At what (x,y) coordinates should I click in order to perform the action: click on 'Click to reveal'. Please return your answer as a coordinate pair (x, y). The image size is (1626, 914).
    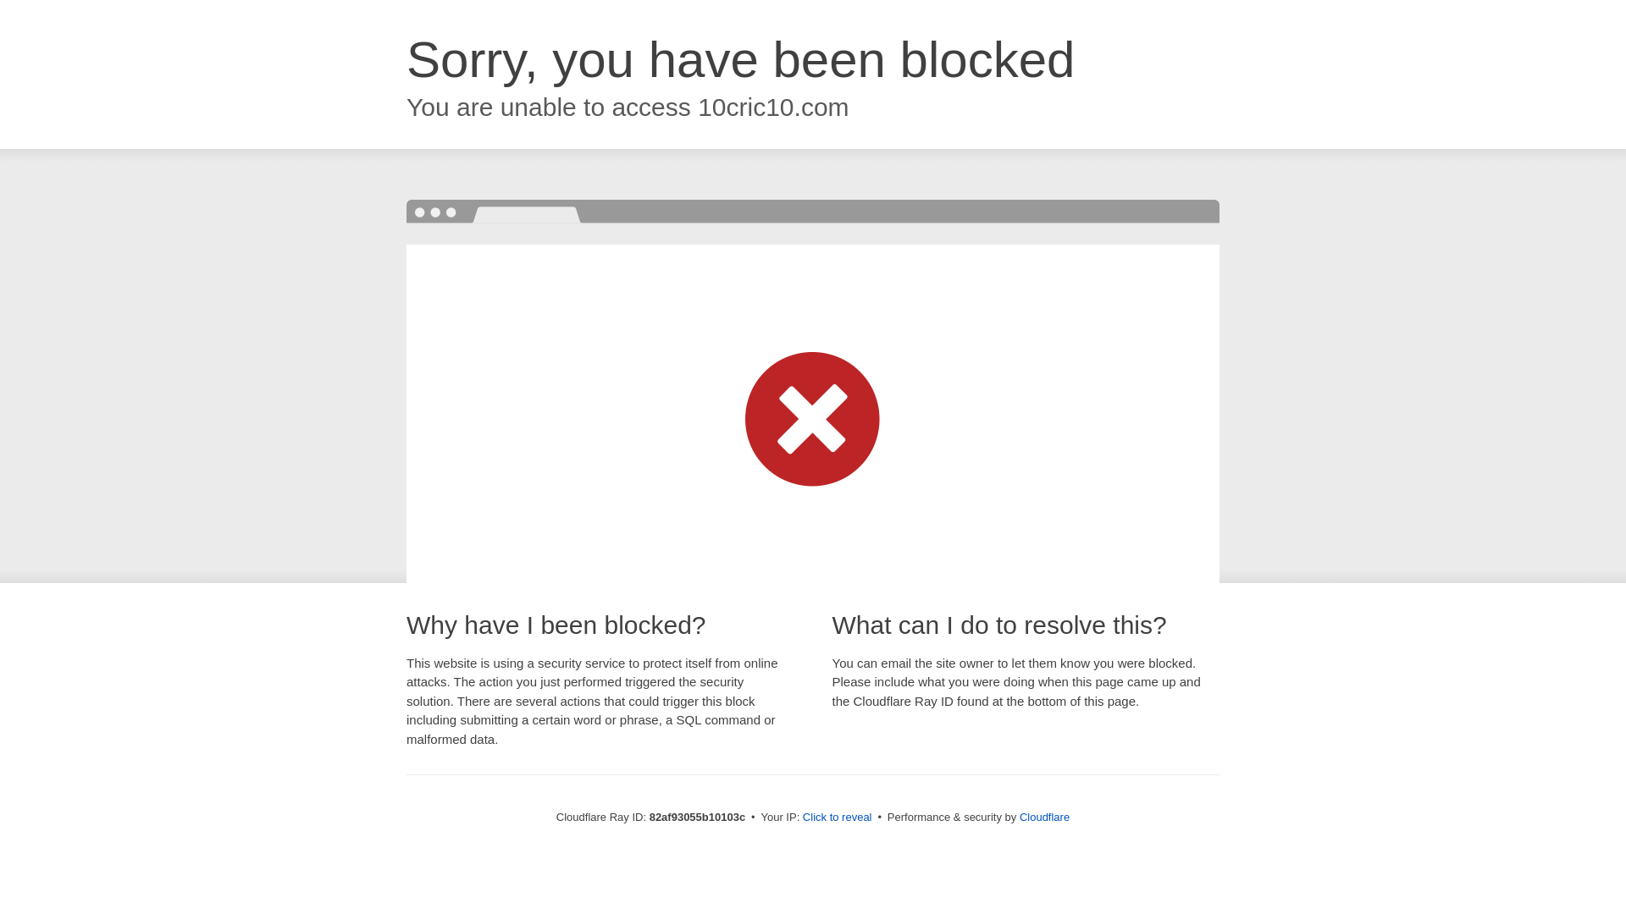
    Looking at the image, I should click on (802, 816).